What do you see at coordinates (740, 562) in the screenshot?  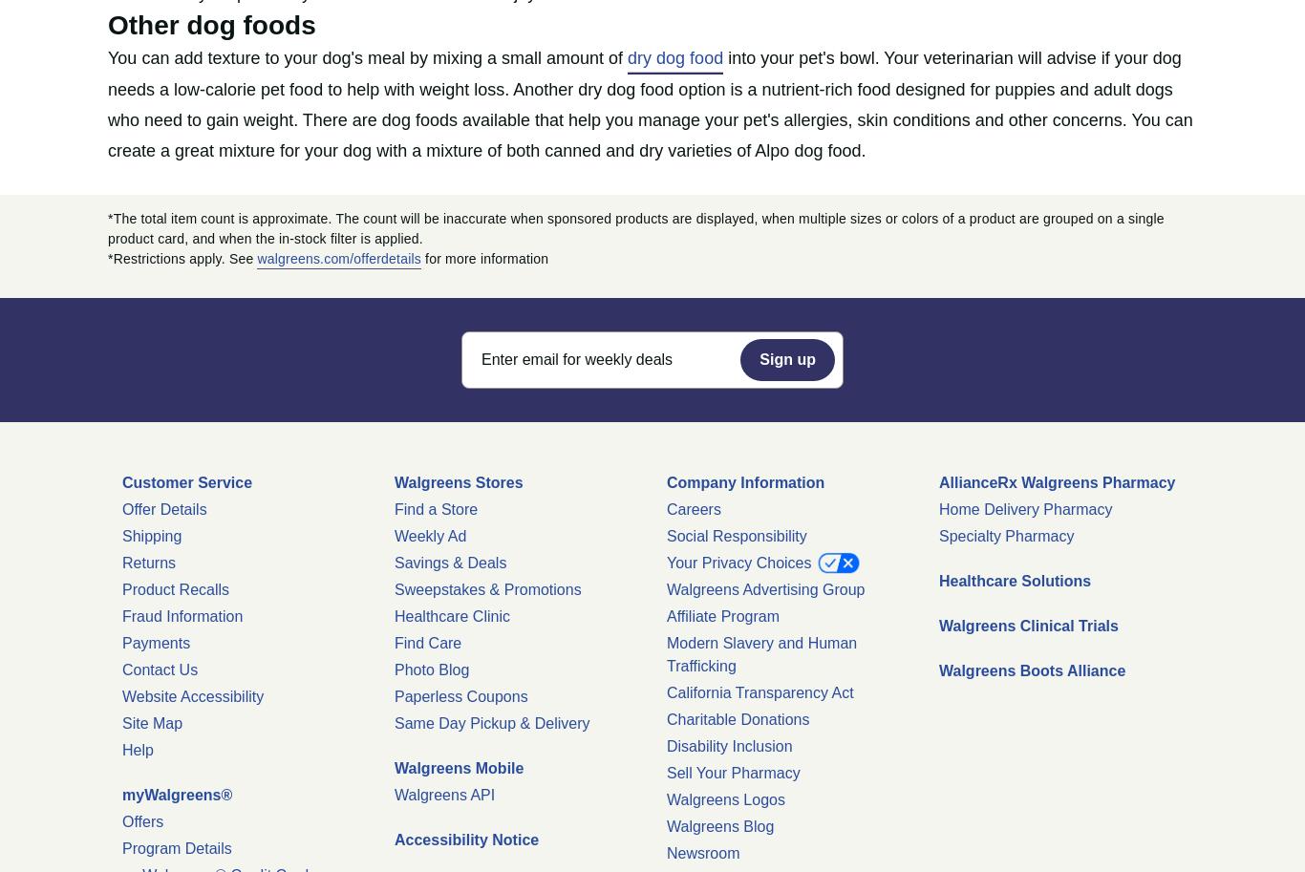 I see `'Your Privacy Choices'` at bounding box center [740, 562].